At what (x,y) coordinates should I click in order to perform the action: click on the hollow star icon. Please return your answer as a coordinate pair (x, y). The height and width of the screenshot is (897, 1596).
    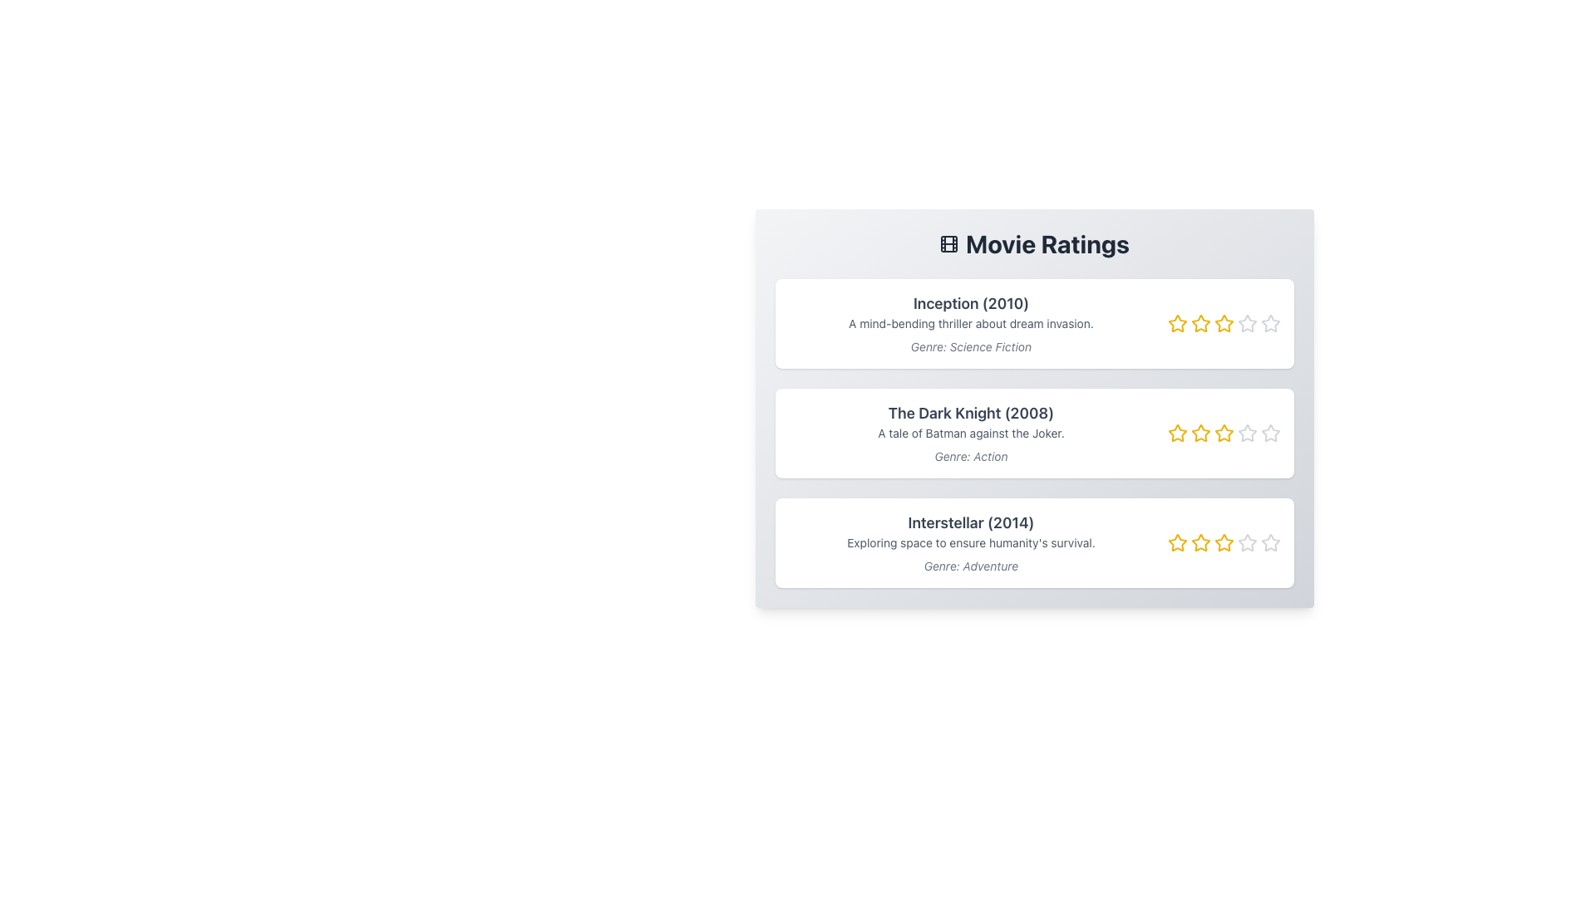
    Looking at the image, I should click on (1269, 323).